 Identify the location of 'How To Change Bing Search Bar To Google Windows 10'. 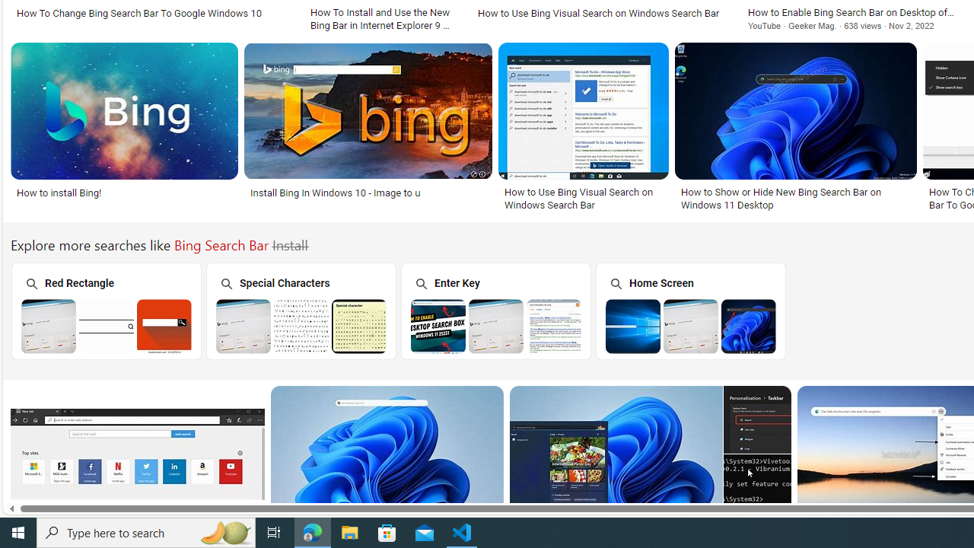
(154, 12).